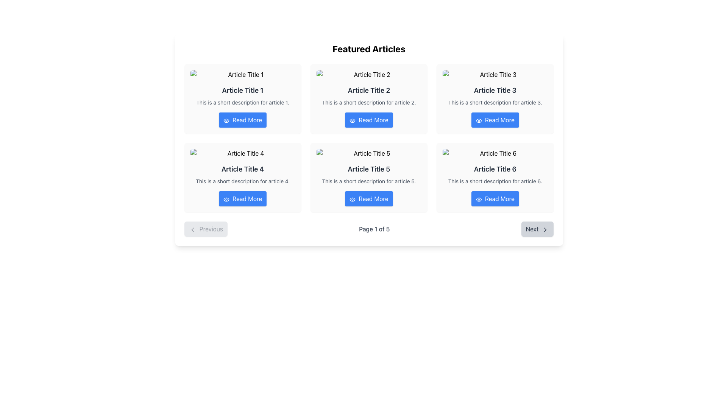 The height and width of the screenshot is (409, 727). Describe the element at coordinates (369, 90) in the screenshot. I see `the bold text label displaying 'Article Title 2' that is positioned above a description and a button within the card layout` at that location.